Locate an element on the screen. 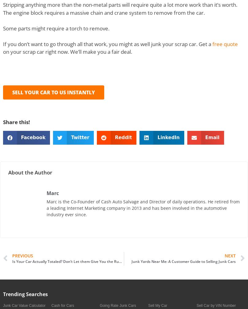  'Next' is located at coordinates (230, 255).